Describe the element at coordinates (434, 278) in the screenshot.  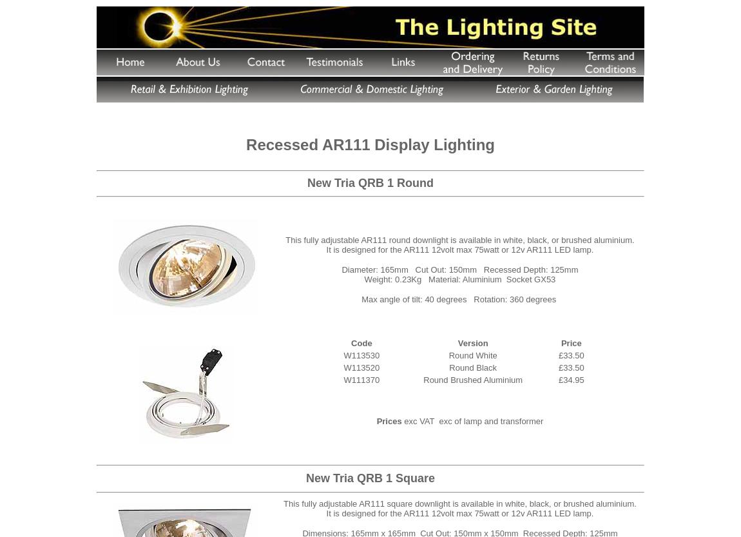
I see `'Weight: 
          0.23Kg   Material: Aluminium'` at that location.